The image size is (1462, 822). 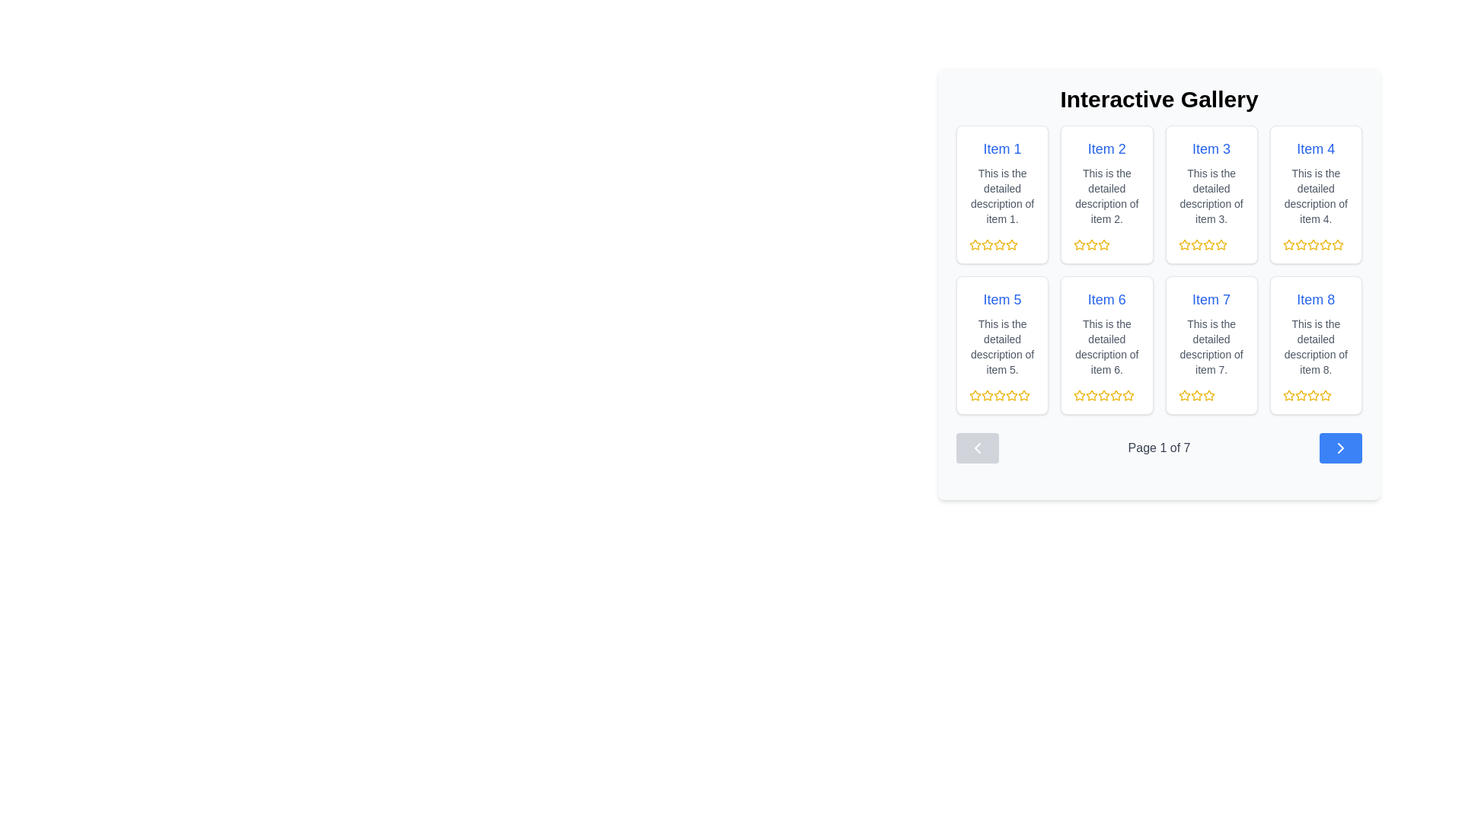 I want to click on the fourth star icon in the 5-star rating system to rate the item associated with 'Item 4' in the Interactive Gallery, so click(x=1288, y=244).